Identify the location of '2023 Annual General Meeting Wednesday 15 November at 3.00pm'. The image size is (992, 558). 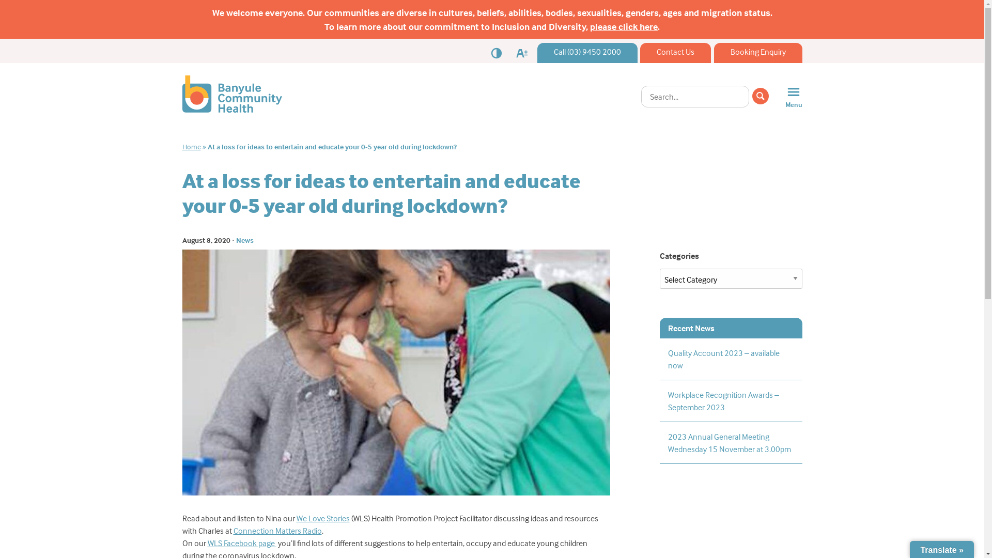
(730, 442).